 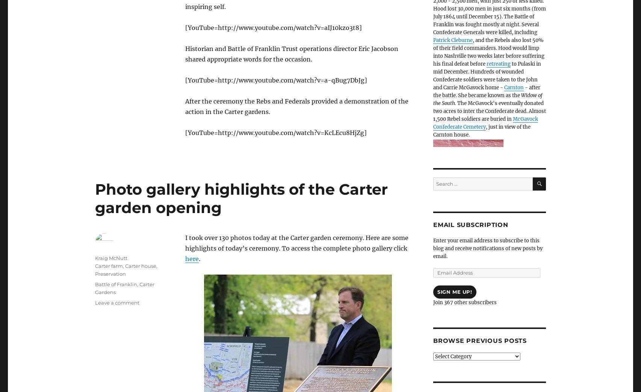 What do you see at coordinates (117, 302) in the screenshot?
I see `'Leave a comment'` at bounding box center [117, 302].